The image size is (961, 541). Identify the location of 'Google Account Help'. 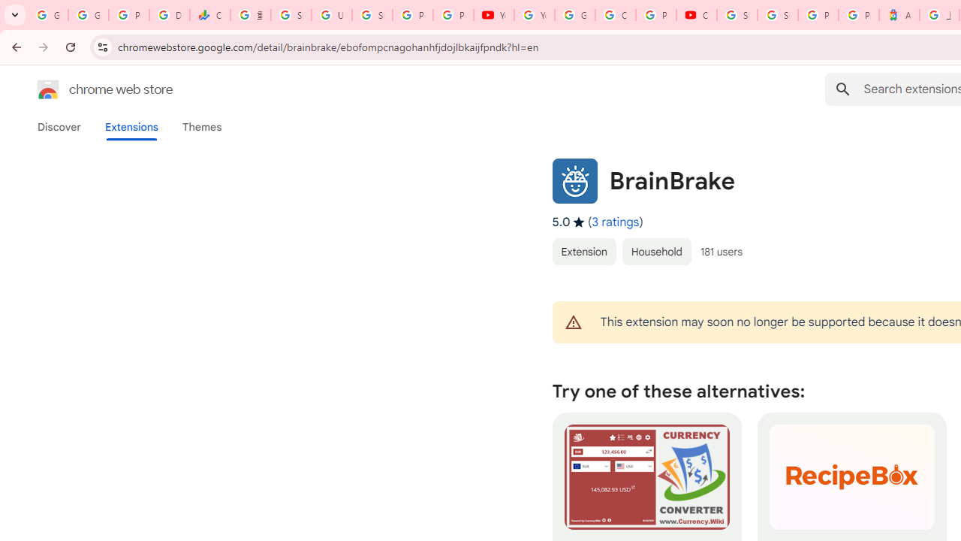
(574, 15).